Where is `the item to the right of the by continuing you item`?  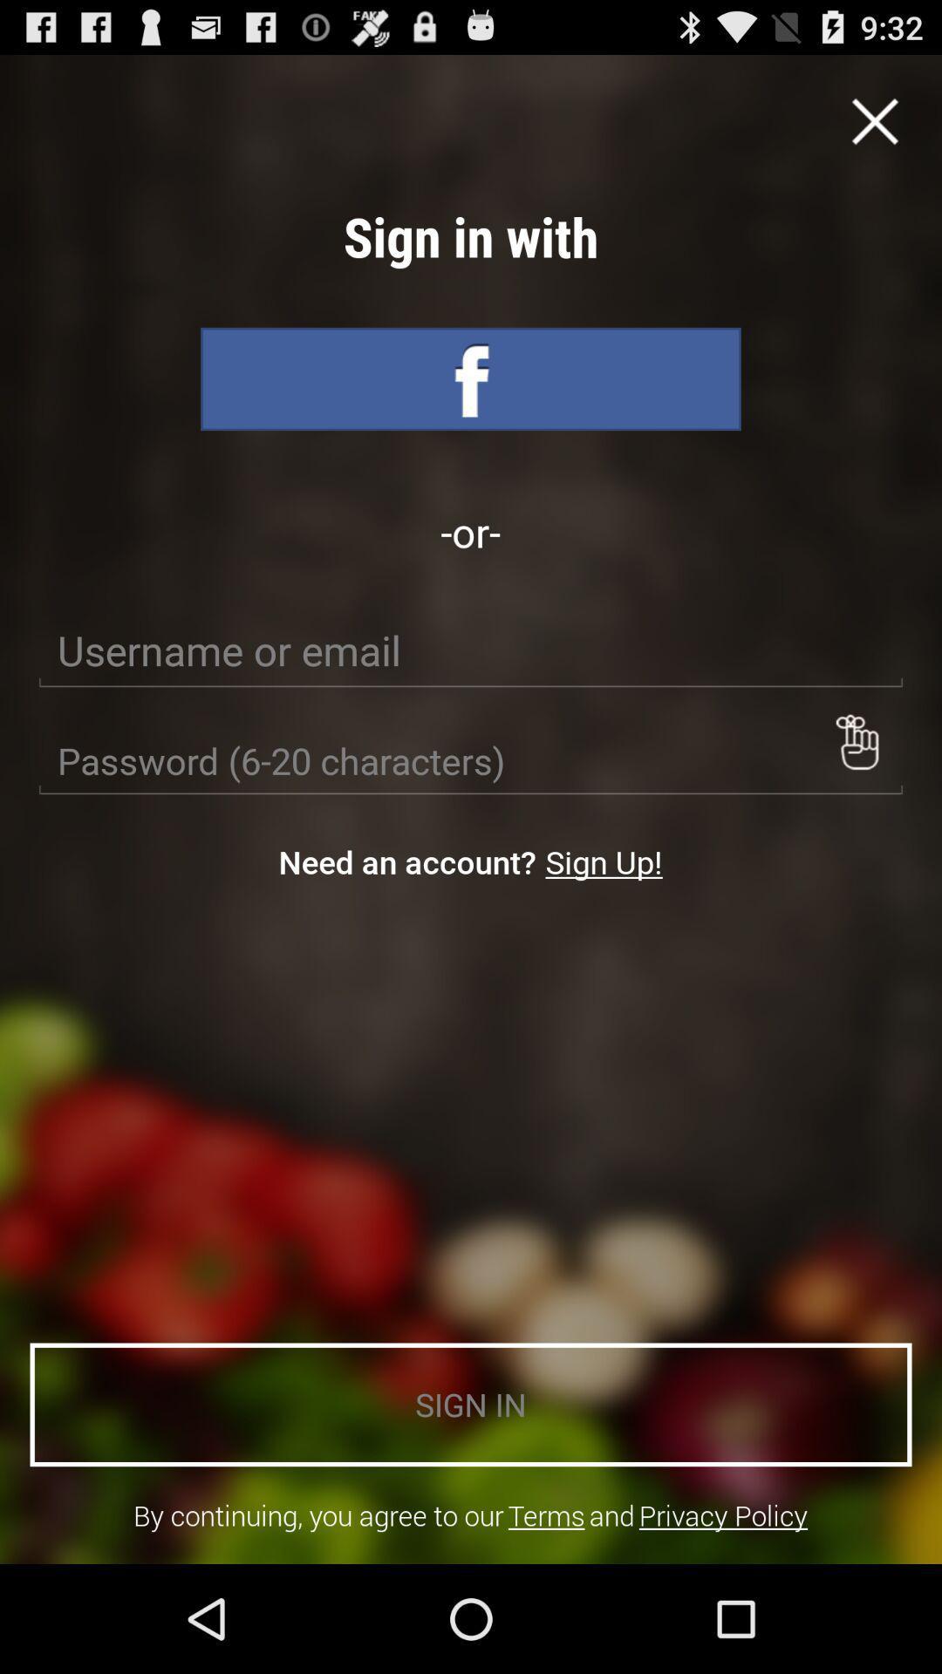 the item to the right of the by continuing you item is located at coordinates (545, 1514).